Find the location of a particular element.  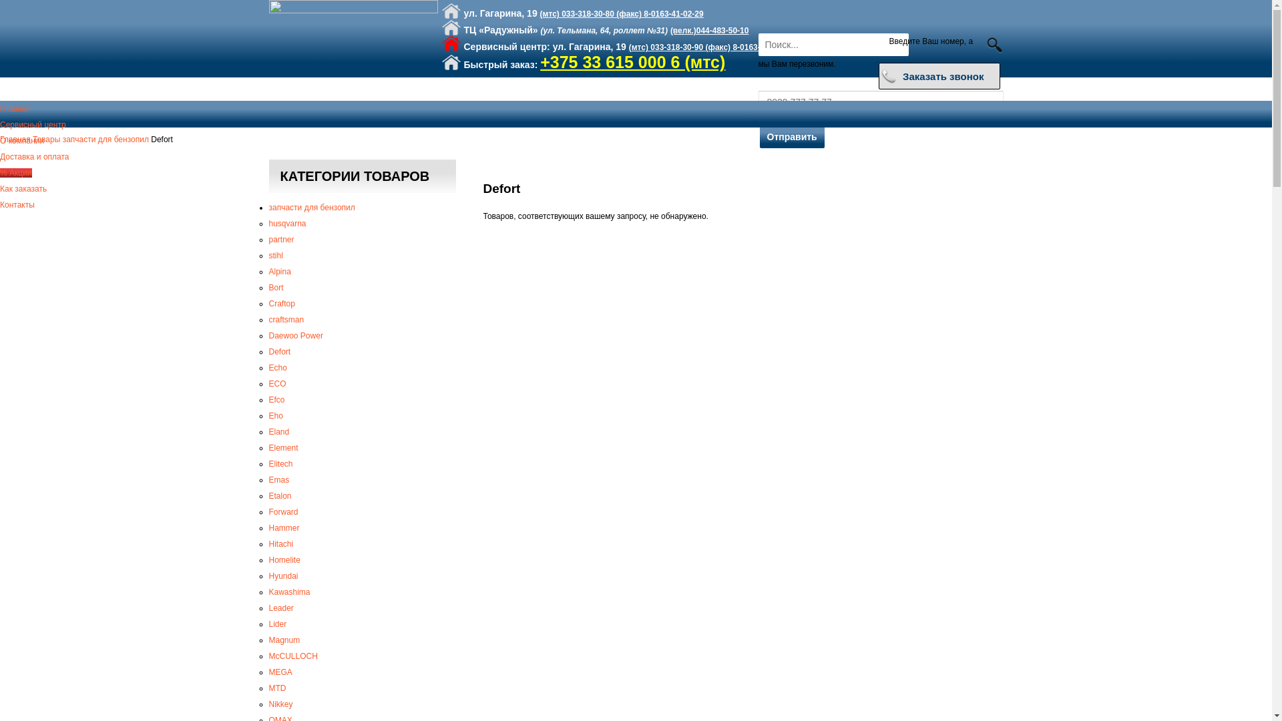

'MEGA' is located at coordinates (279, 672).